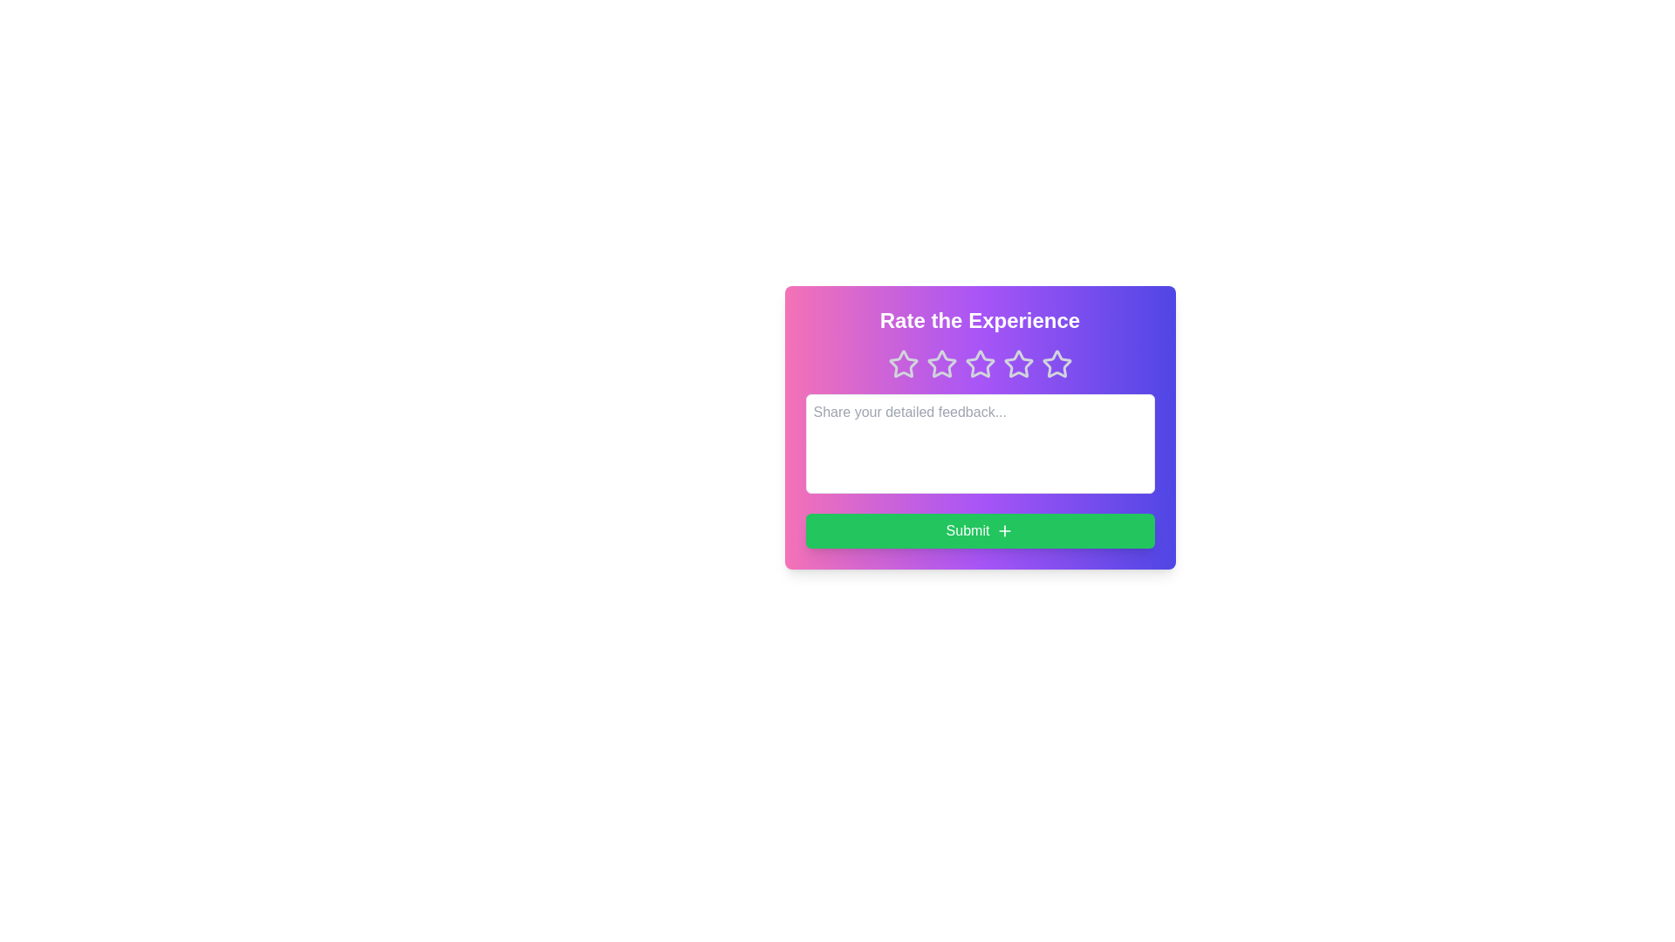 Image resolution: width=1675 pixels, height=942 pixels. What do you see at coordinates (980, 443) in the screenshot?
I see `the feedback textarea and type the feedback text` at bounding box center [980, 443].